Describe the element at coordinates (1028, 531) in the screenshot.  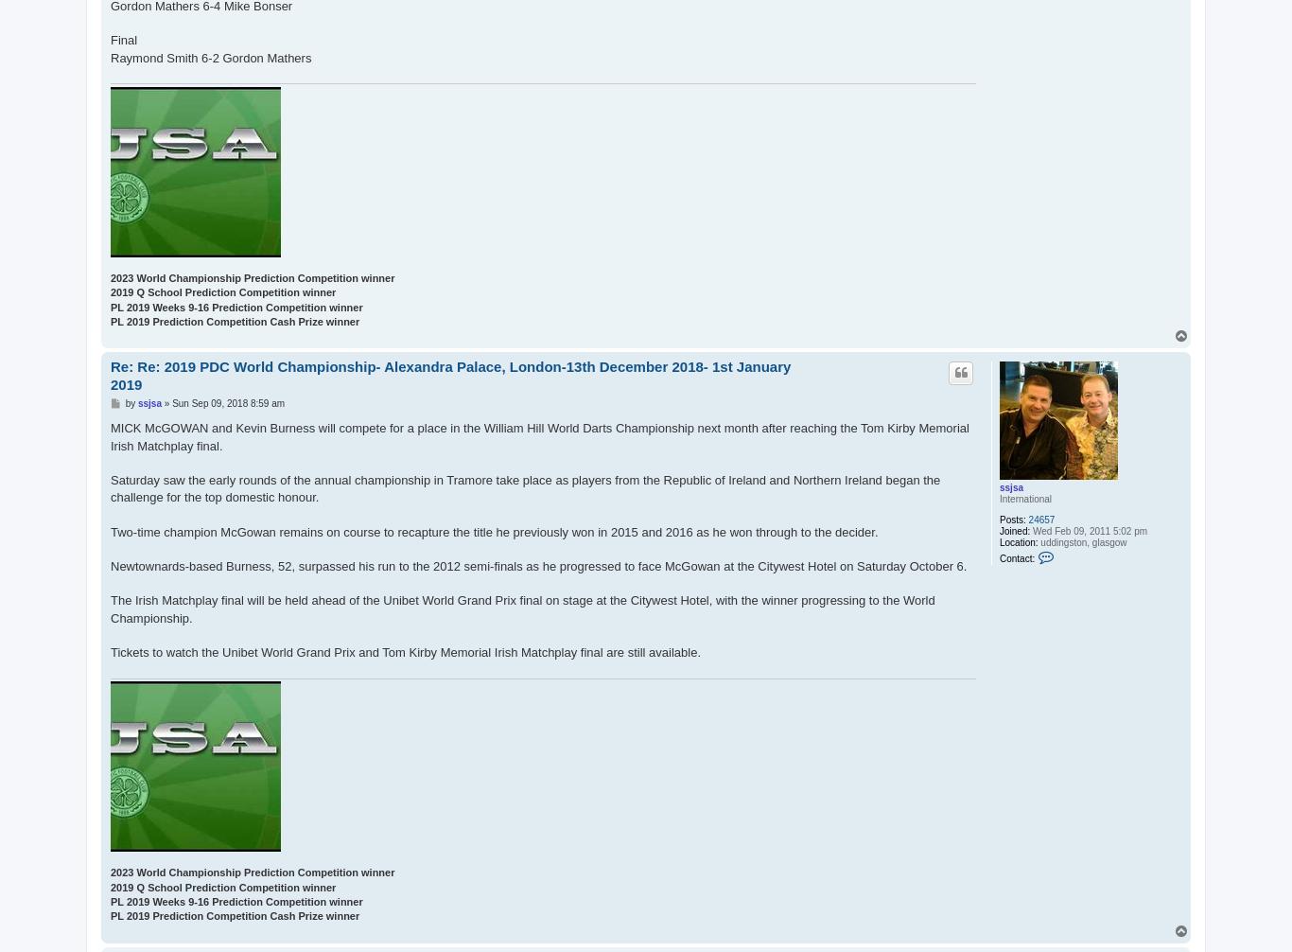
I see `'Wed Feb 09, 2011 5:02 pm'` at that location.